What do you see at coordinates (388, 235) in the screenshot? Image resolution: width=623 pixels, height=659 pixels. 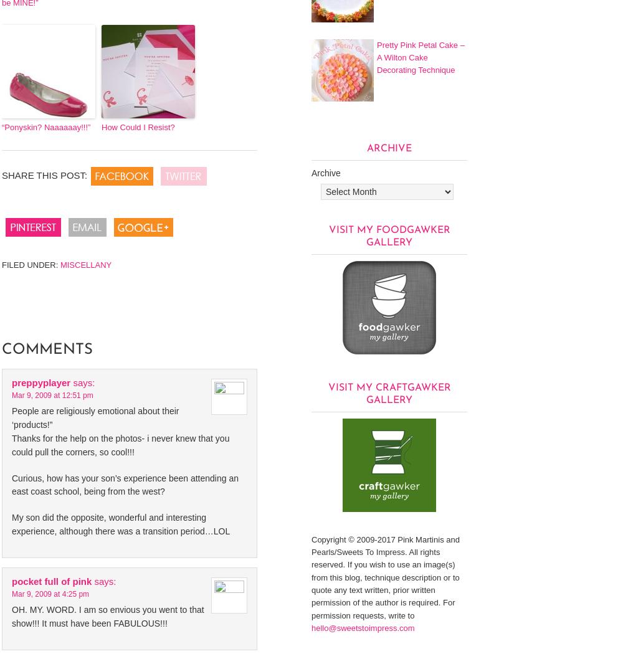 I see `'Visit My Foodgawker Gallery'` at bounding box center [388, 235].